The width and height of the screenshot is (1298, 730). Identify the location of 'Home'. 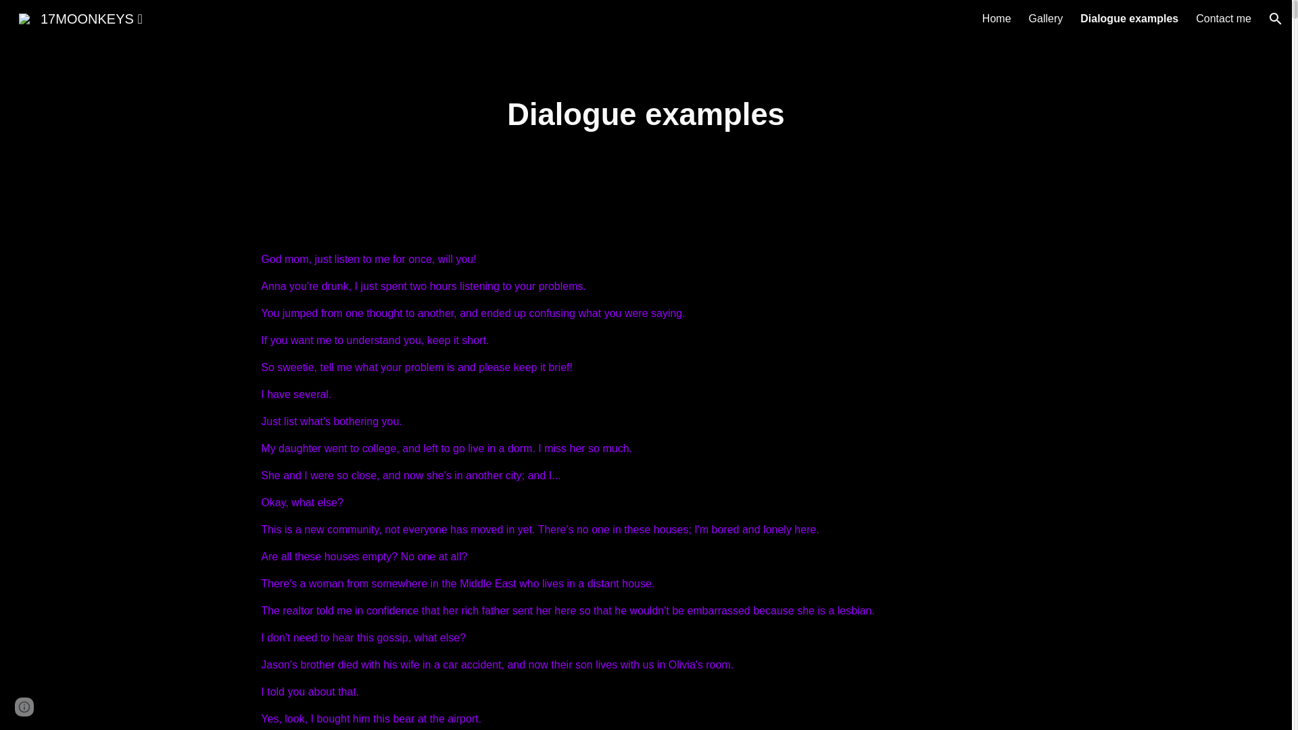
(996, 18).